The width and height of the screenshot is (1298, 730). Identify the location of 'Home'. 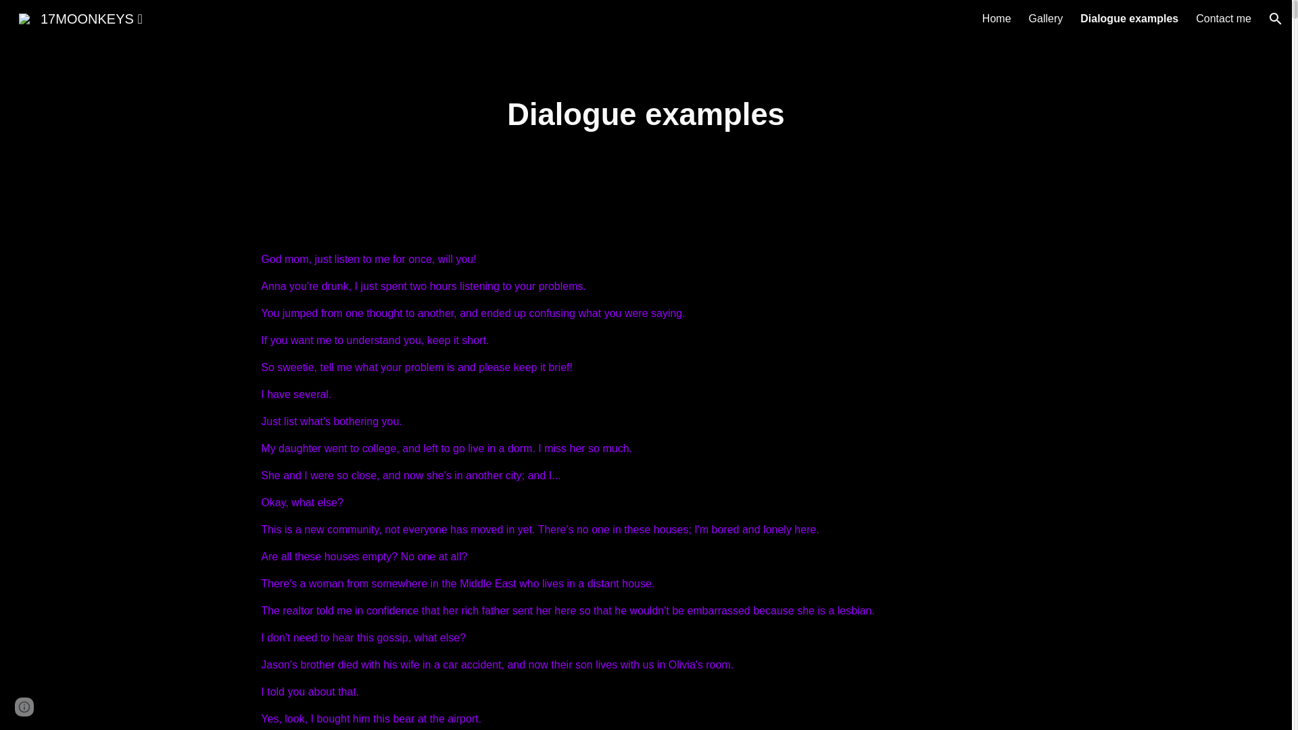
(996, 18).